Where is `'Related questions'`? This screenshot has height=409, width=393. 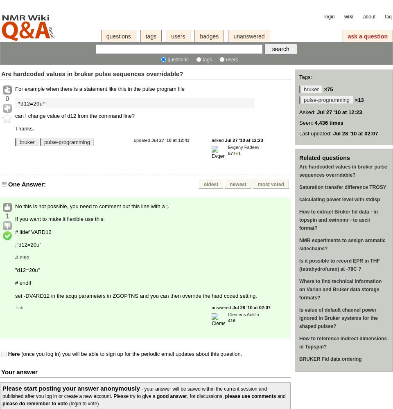 'Related questions' is located at coordinates (324, 158).